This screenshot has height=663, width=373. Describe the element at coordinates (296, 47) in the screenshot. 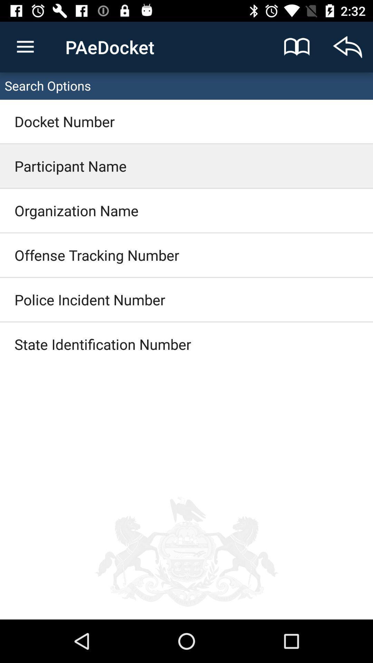

I see `the icon next to the text paedocket` at that location.